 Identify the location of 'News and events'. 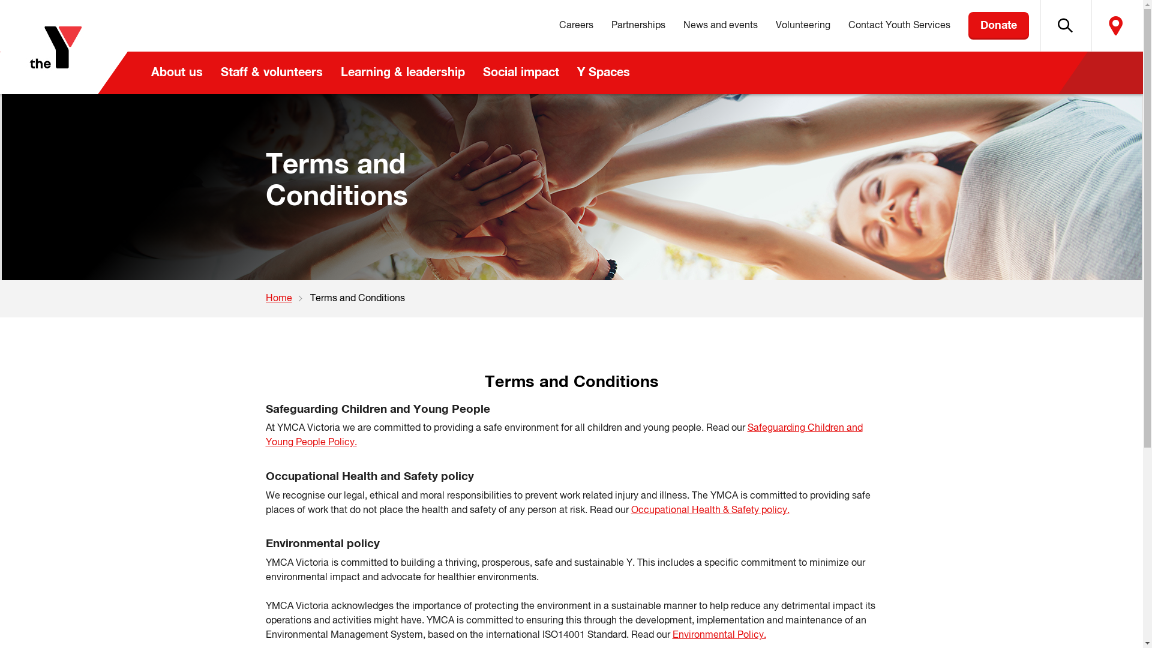
(720, 25).